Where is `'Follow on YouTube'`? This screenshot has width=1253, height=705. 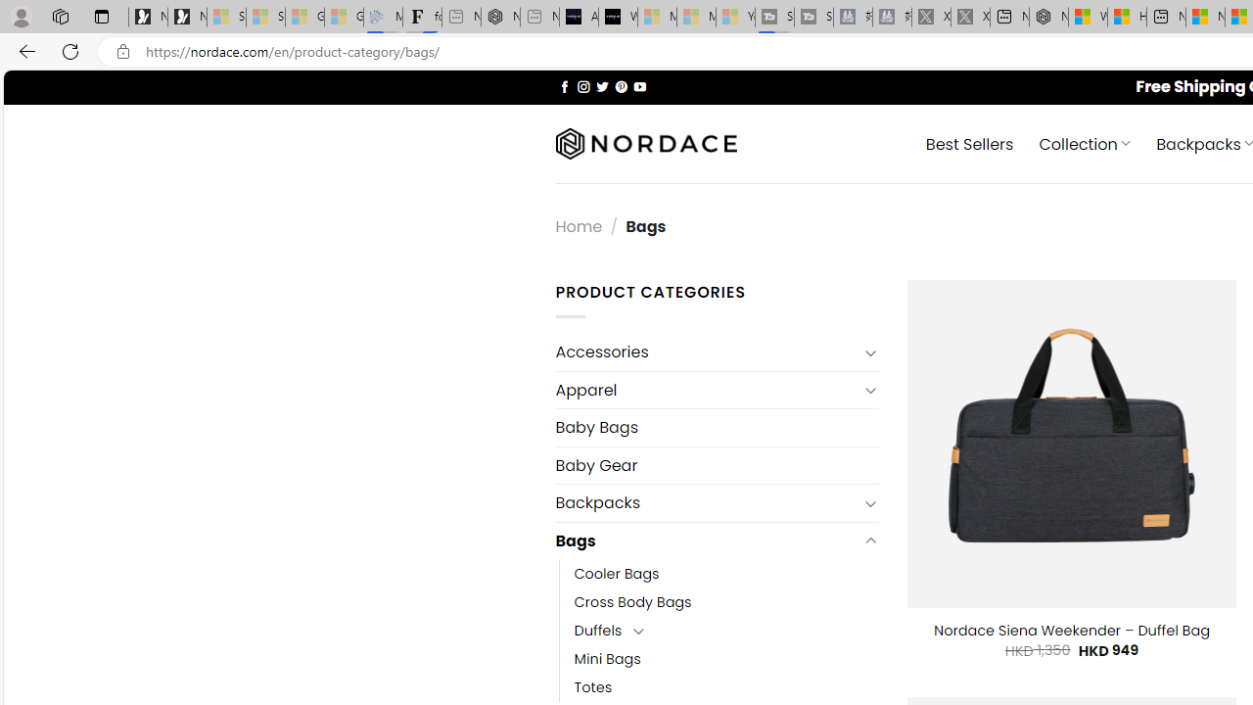 'Follow on YouTube' is located at coordinates (639, 85).